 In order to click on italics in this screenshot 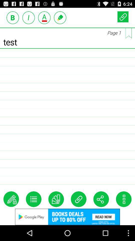, I will do `click(28, 18)`.